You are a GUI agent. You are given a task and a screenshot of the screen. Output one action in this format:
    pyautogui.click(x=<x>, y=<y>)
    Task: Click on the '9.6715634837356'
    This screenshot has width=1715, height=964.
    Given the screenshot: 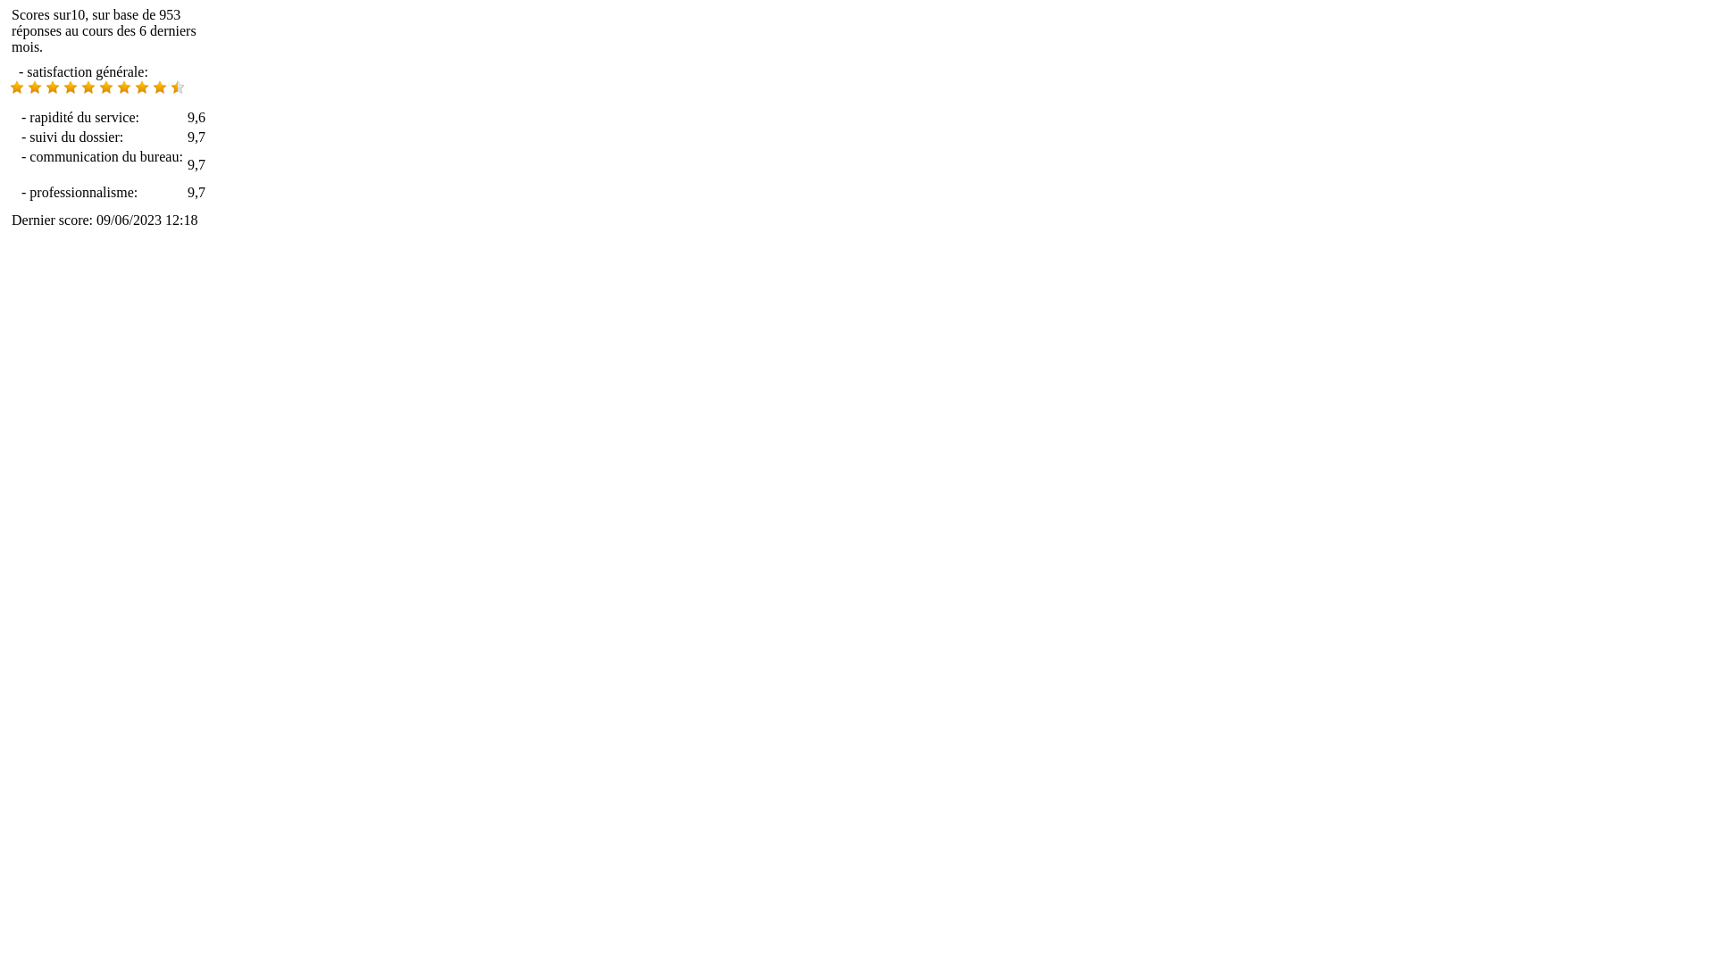 What is the action you would take?
    pyautogui.click(x=115, y=87)
    